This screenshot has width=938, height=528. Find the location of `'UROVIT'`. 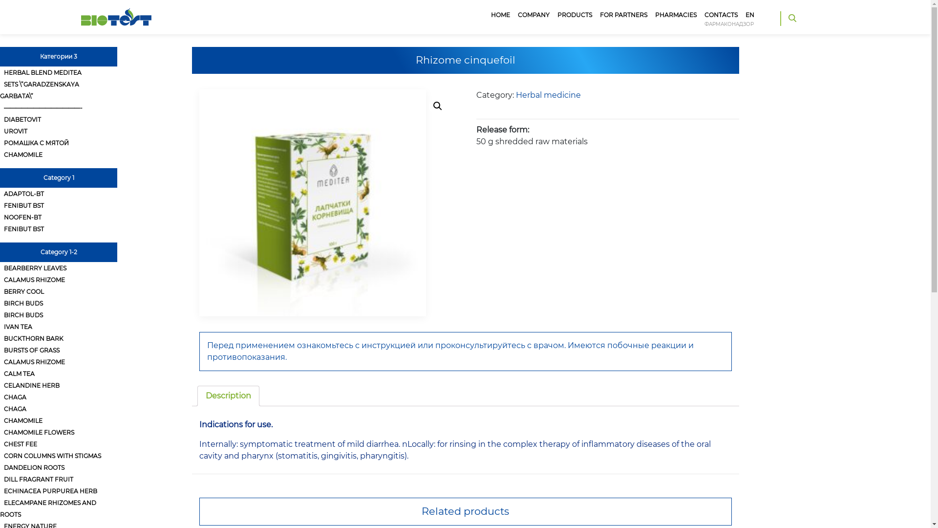

'UROVIT' is located at coordinates (16, 131).